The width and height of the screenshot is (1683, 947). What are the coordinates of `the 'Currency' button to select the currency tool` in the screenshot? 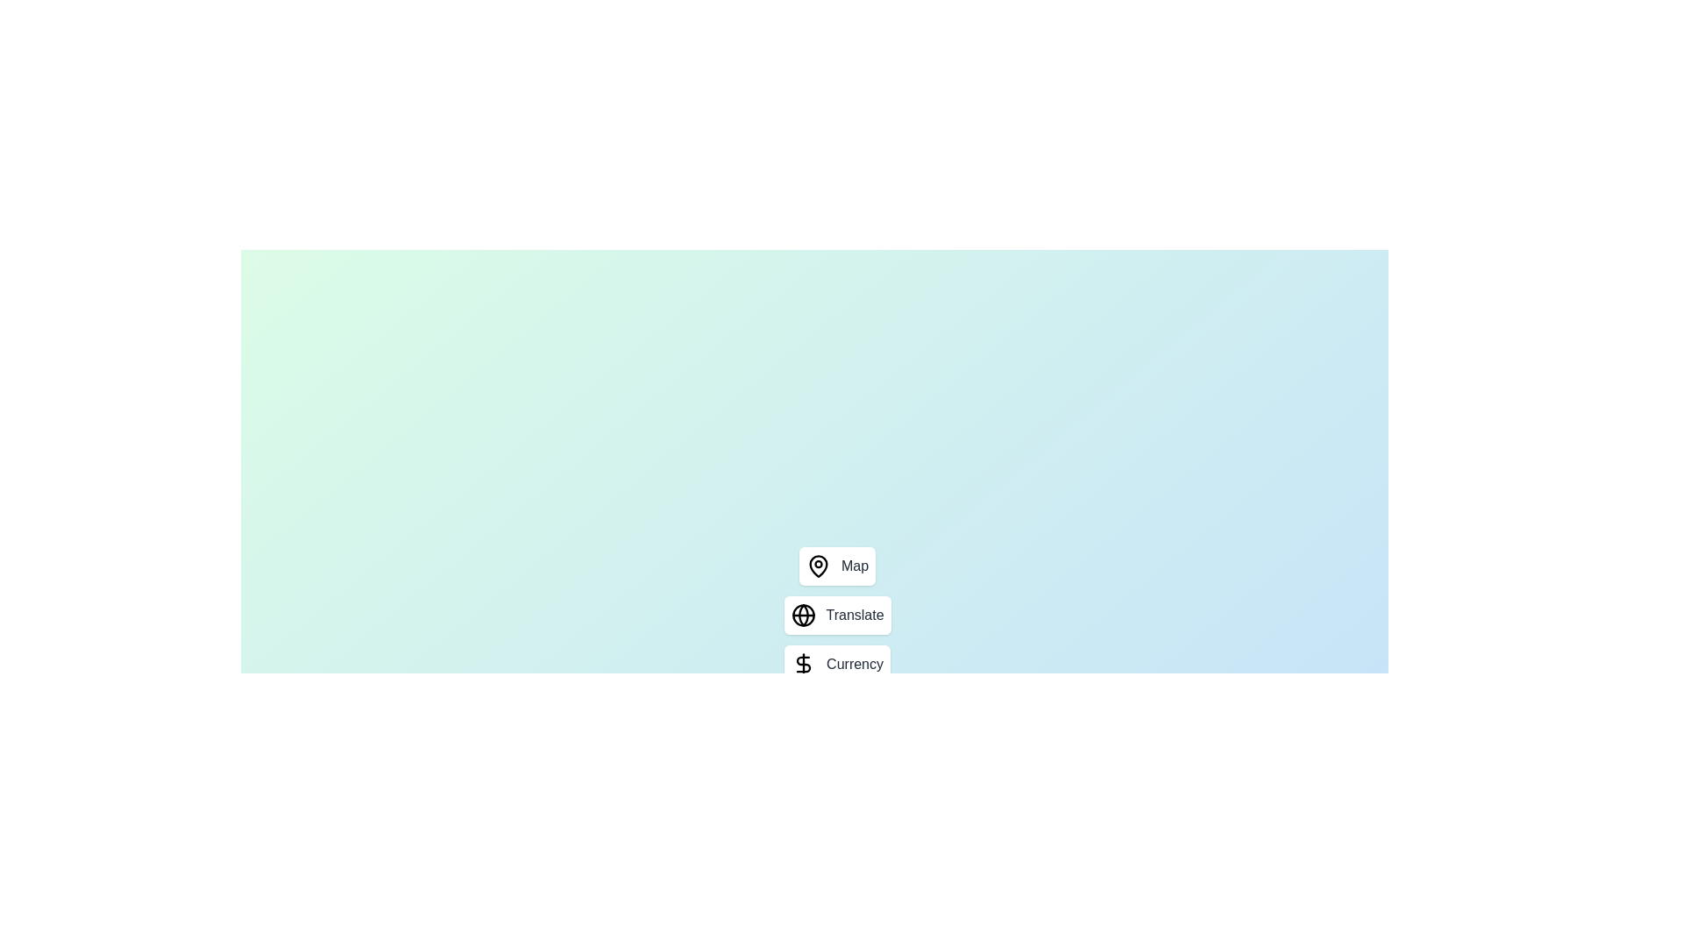 It's located at (836, 665).